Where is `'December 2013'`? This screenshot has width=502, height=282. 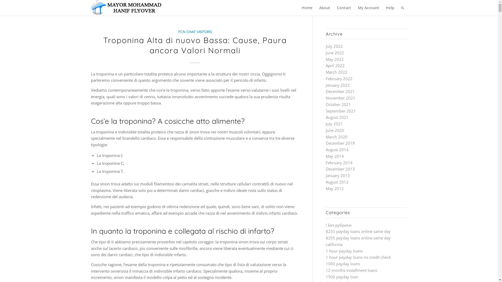
'December 2013' is located at coordinates (340, 169).